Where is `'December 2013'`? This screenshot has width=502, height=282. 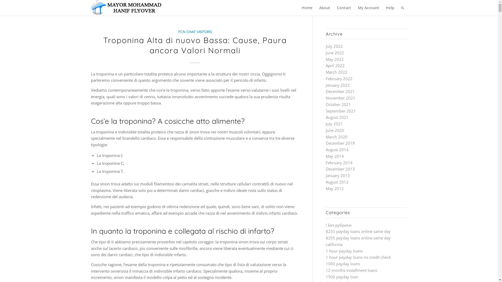
'December 2013' is located at coordinates (340, 169).